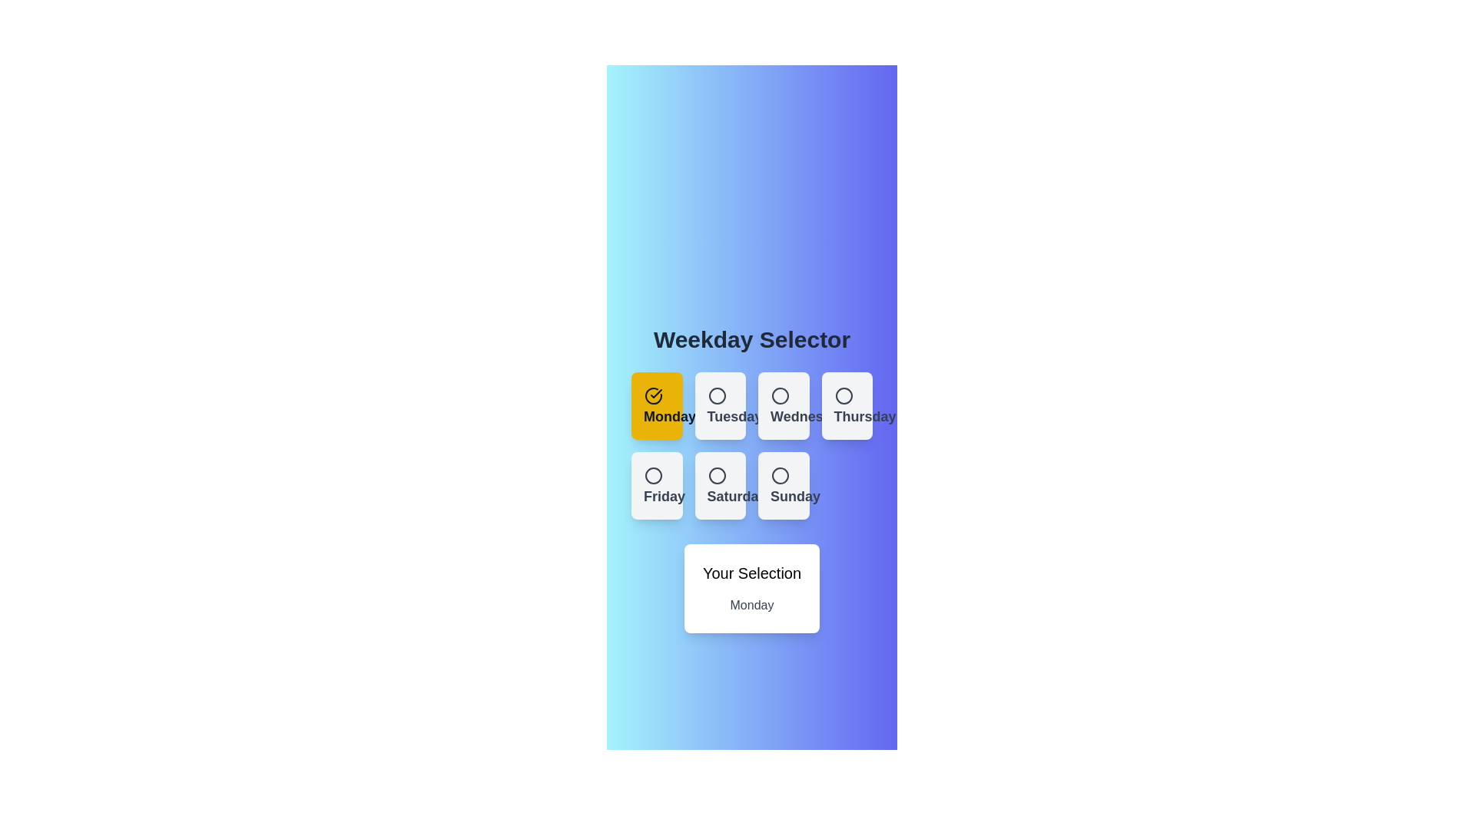 This screenshot has width=1475, height=829. I want to click on the button corresponding to Wednesday, so click(784, 405).